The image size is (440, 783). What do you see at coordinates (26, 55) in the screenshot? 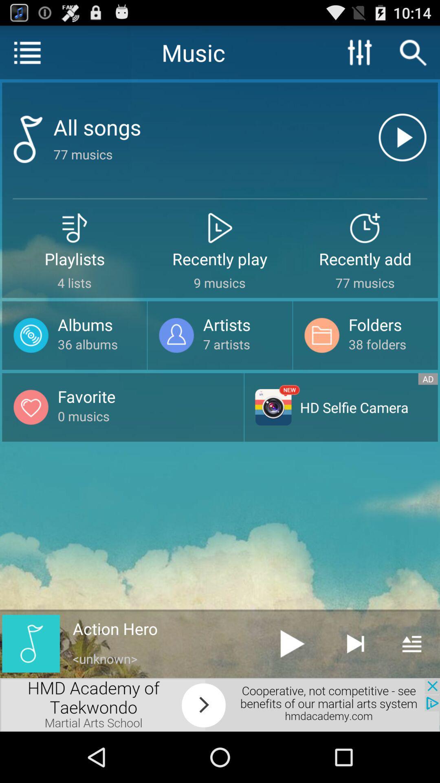
I see `the list icon` at bounding box center [26, 55].